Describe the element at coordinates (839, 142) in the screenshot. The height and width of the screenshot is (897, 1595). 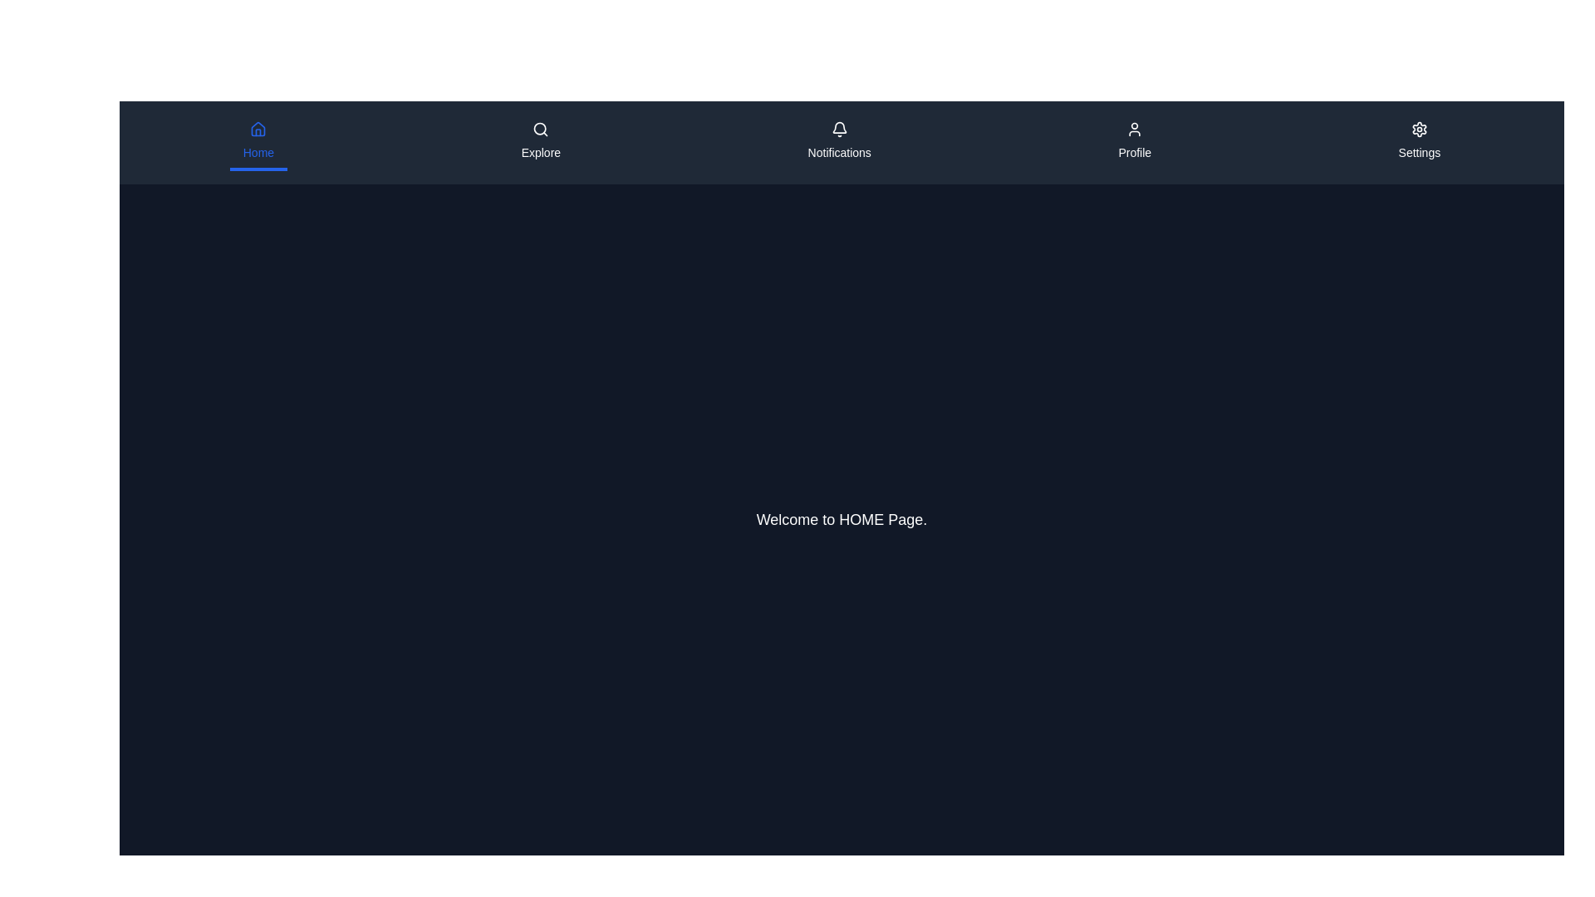
I see `the Notifications button located in the top navigation bar, third from the left` at that location.